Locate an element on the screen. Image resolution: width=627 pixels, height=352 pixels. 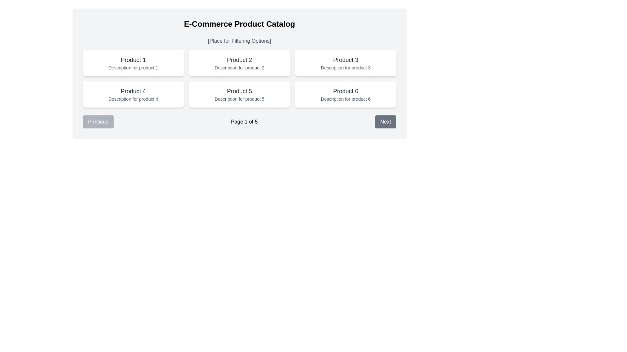
the Text Label that serves as the title for 'Product 2', located in the second card of the first row, above the product description is located at coordinates (239, 60).